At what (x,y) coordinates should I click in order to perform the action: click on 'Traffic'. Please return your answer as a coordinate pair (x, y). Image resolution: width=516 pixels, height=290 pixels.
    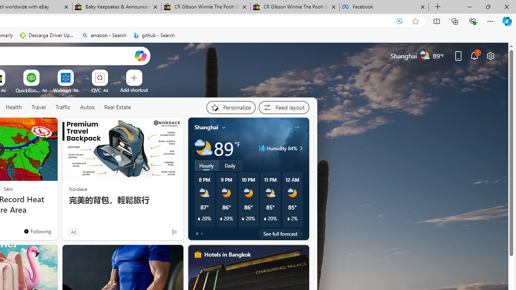
    Looking at the image, I should click on (62, 107).